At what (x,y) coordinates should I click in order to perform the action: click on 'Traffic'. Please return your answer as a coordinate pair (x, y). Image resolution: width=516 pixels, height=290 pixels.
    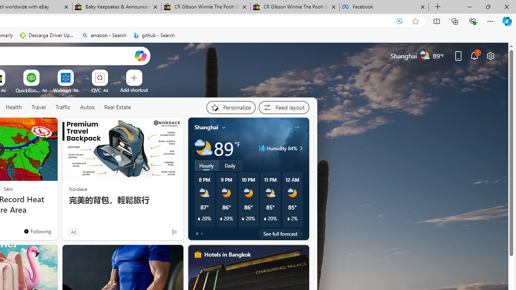
    Looking at the image, I should click on (62, 107).